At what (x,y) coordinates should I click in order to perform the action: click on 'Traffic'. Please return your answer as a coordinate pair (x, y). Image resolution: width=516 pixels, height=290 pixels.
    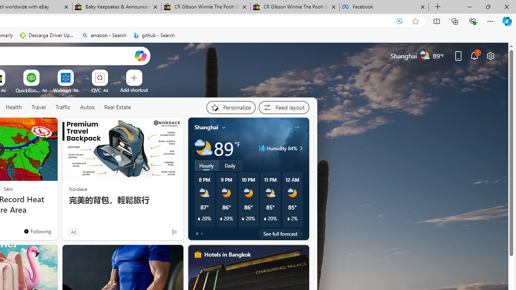
    Looking at the image, I should click on (62, 107).